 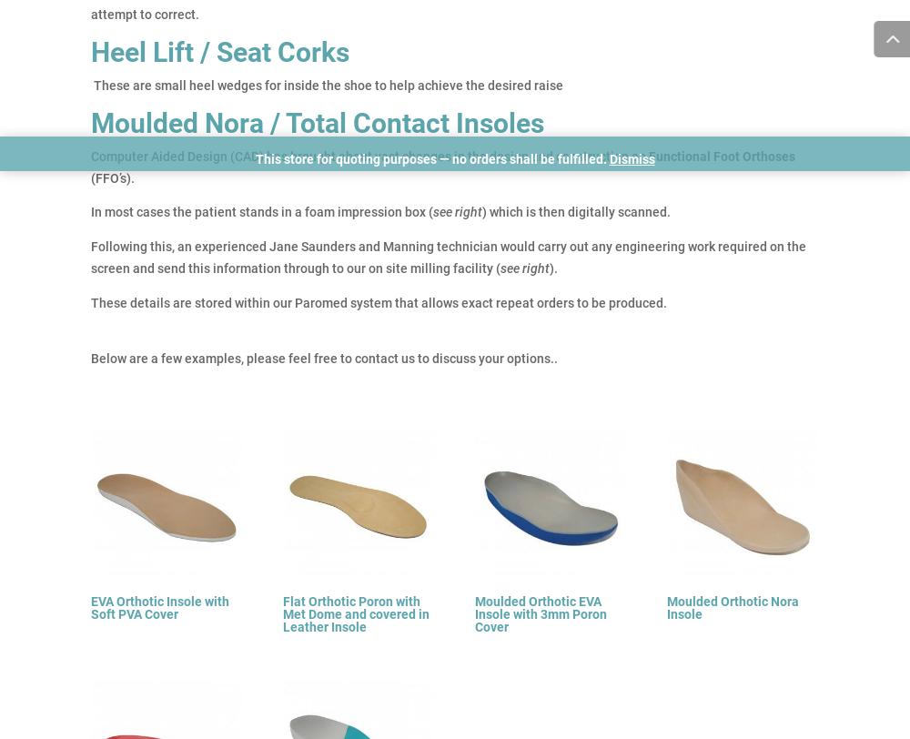 I want to click on '.', so click(x=555, y=358).